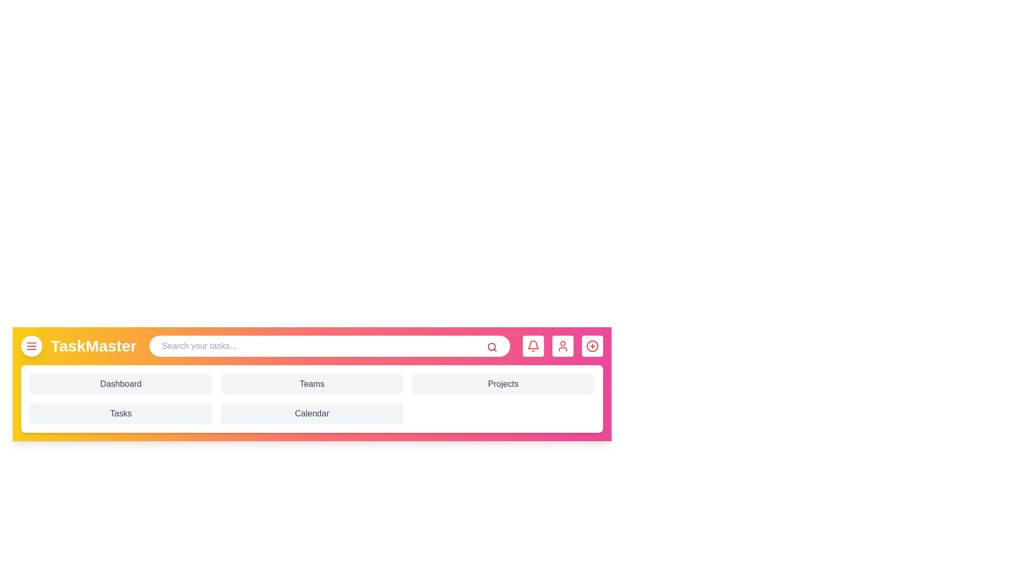 The height and width of the screenshot is (570, 1014). What do you see at coordinates (311, 384) in the screenshot?
I see `the 'Teams' button to navigate to the Teams section` at bounding box center [311, 384].